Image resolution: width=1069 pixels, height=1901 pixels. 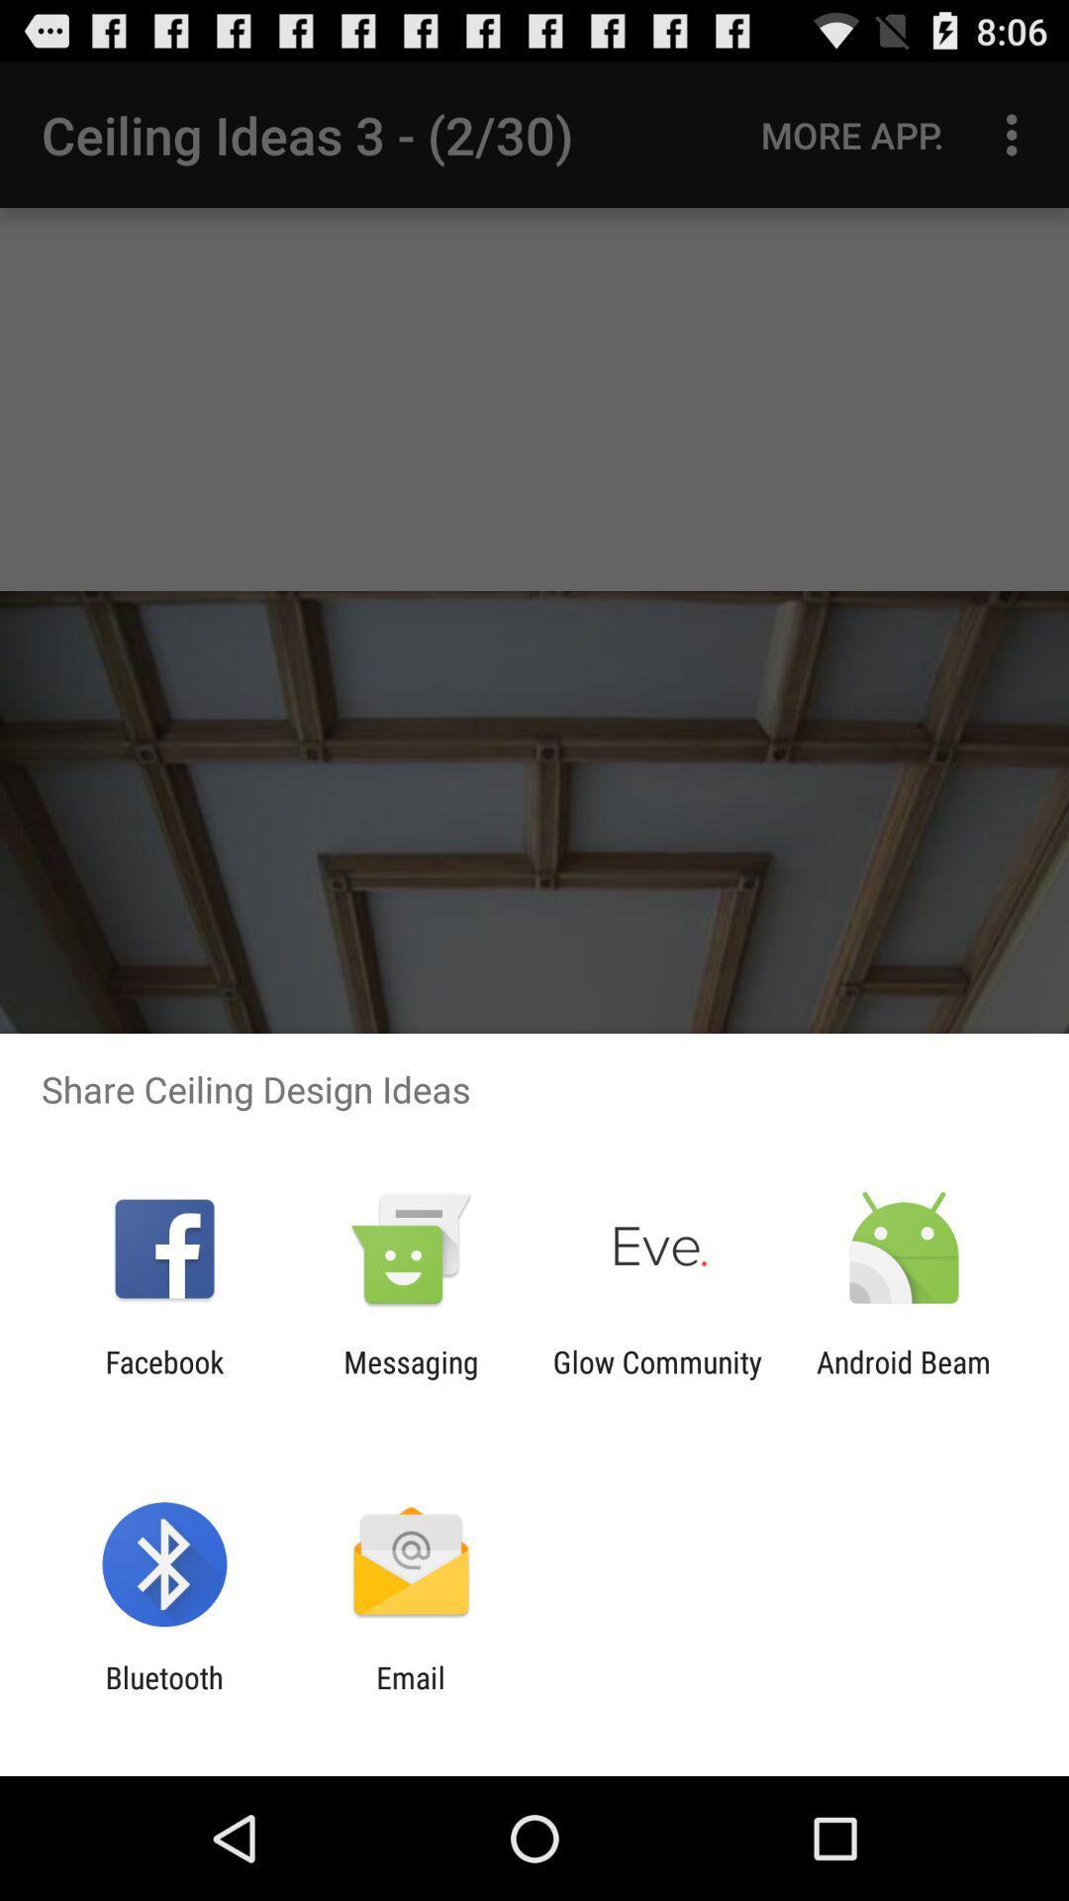 What do you see at coordinates (657, 1378) in the screenshot?
I see `the app to the left of android beam app` at bounding box center [657, 1378].